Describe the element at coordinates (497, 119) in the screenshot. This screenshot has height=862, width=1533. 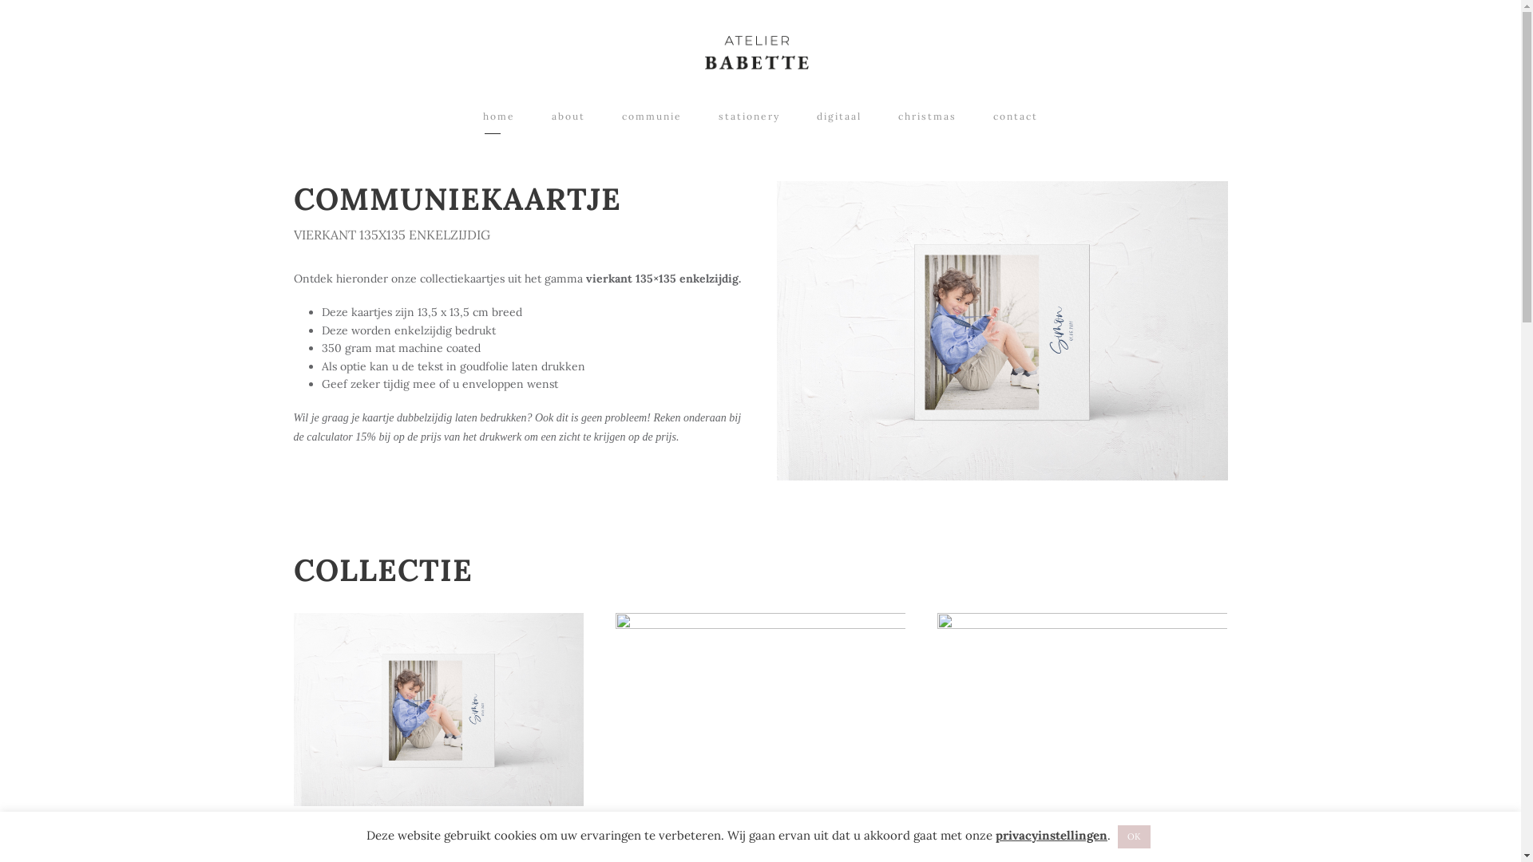
I see `'home'` at that location.